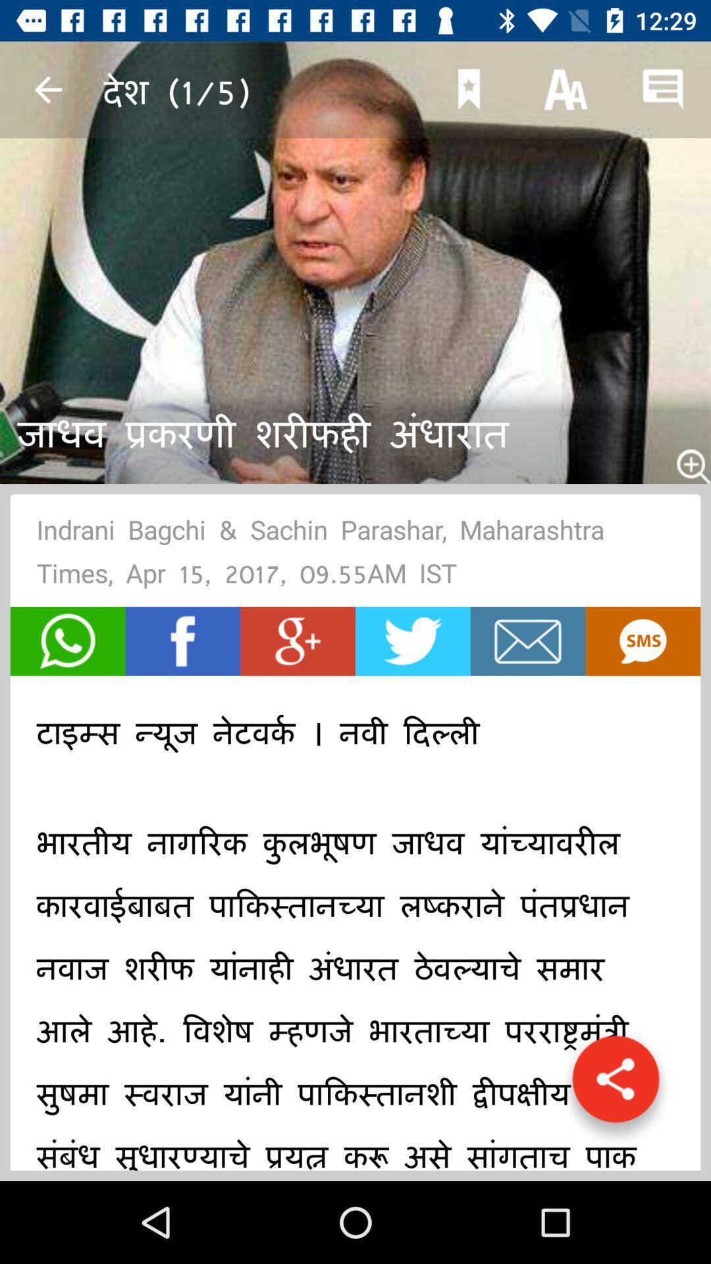  I want to click on twitter share option, so click(412, 641).